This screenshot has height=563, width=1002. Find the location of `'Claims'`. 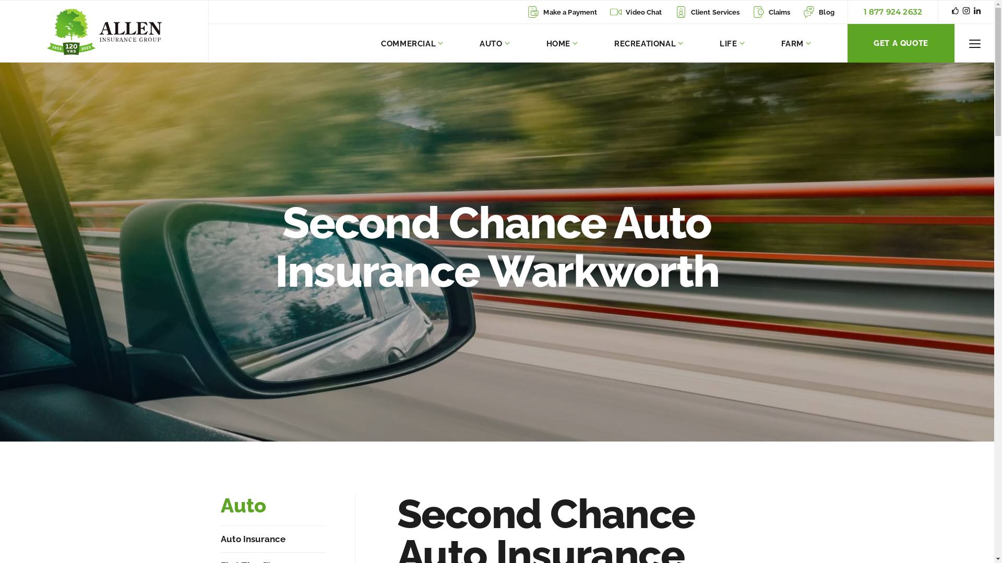

'Claims' is located at coordinates (771, 12).